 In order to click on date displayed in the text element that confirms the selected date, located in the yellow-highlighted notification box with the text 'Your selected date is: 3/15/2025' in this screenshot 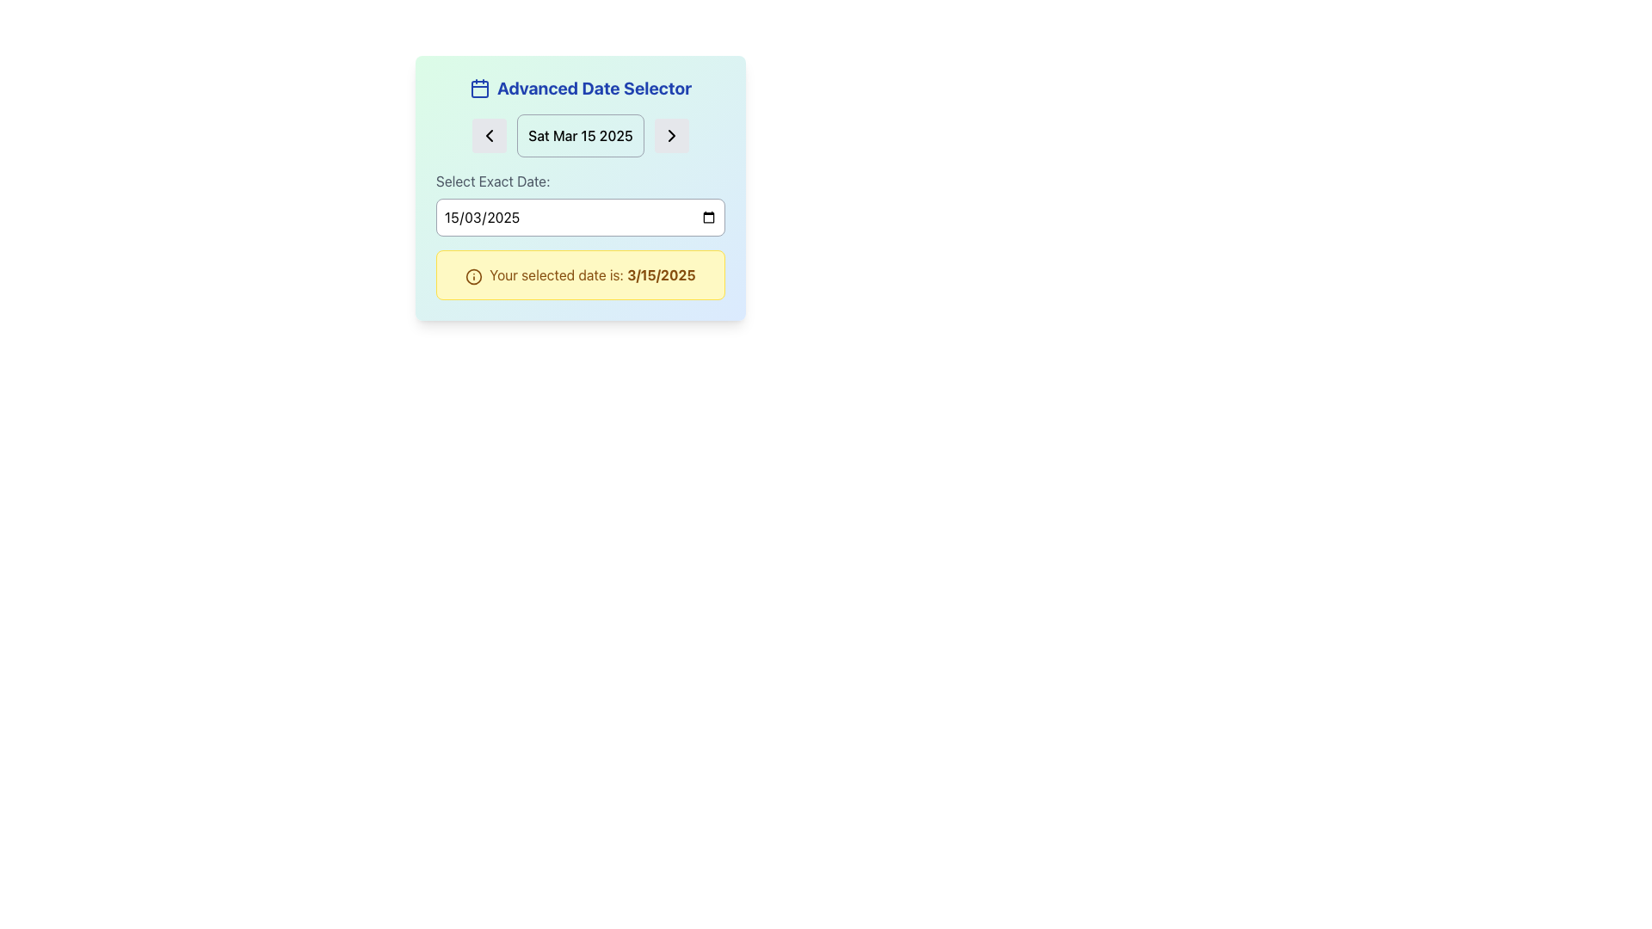, I will do `click(660, 274)`.